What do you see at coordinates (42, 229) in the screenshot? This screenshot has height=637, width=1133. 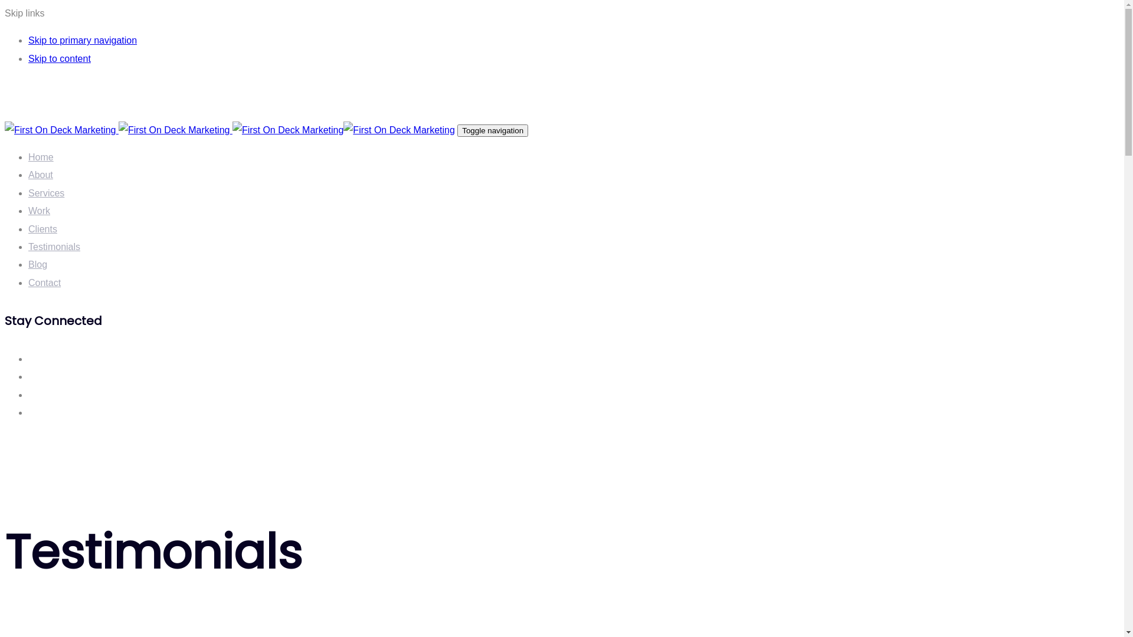 I see `'Clients'` at bounding box center [42, 229].